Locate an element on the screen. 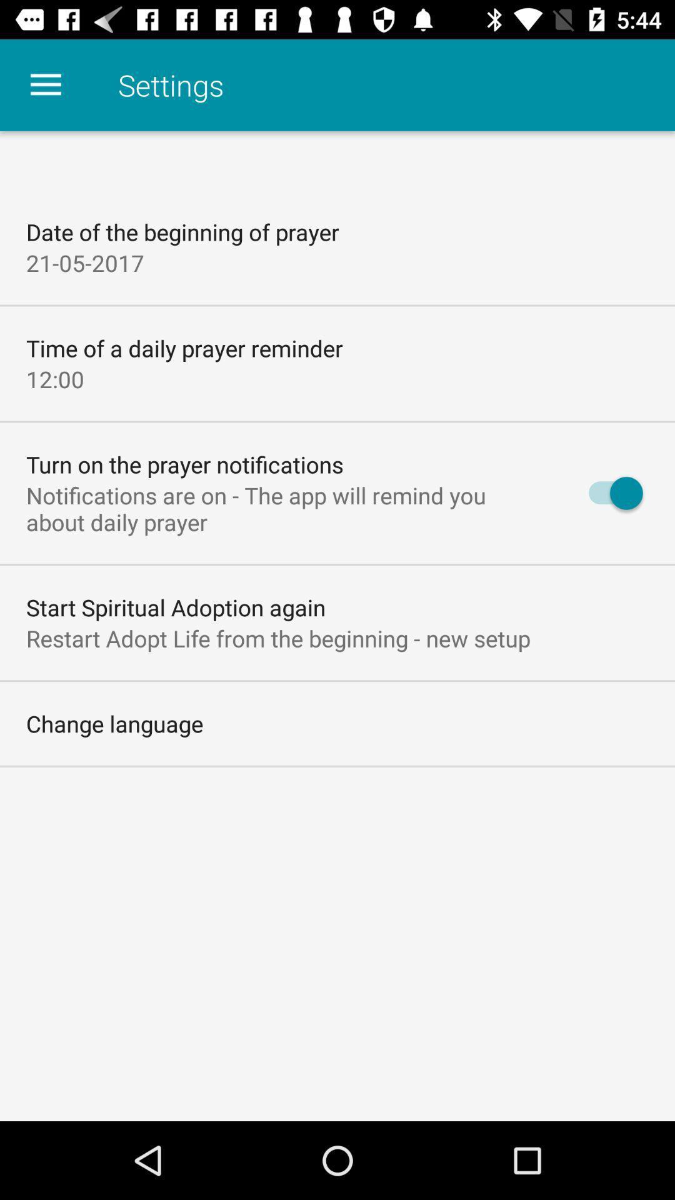 The image size is (675, 1200). the icon to the left of settings item is located at coordinates (45, 84).